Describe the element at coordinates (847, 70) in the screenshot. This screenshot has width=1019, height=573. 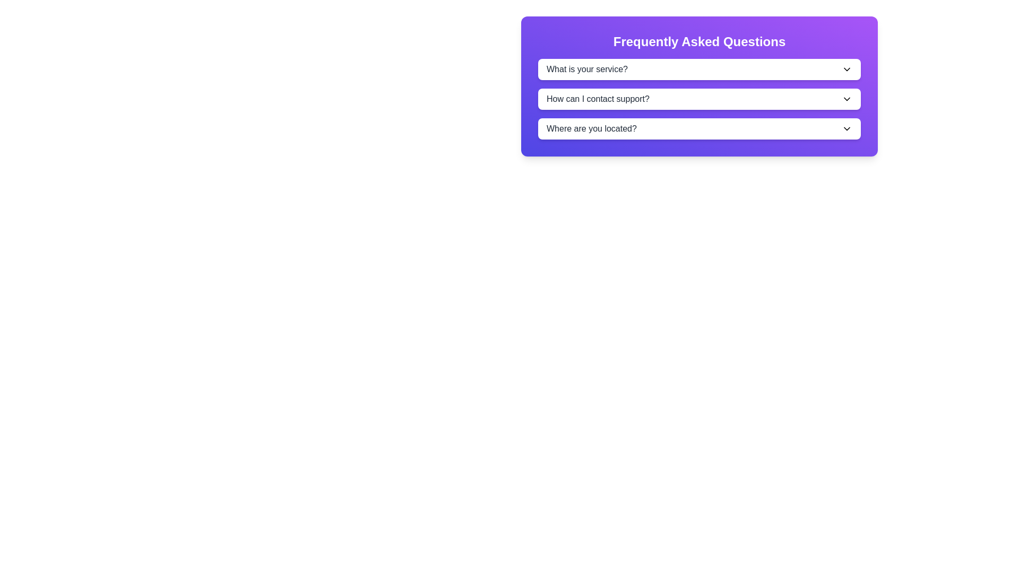
I see `the Chevron Down icon located at the far right side of the 'What is your service?' button` at that location.